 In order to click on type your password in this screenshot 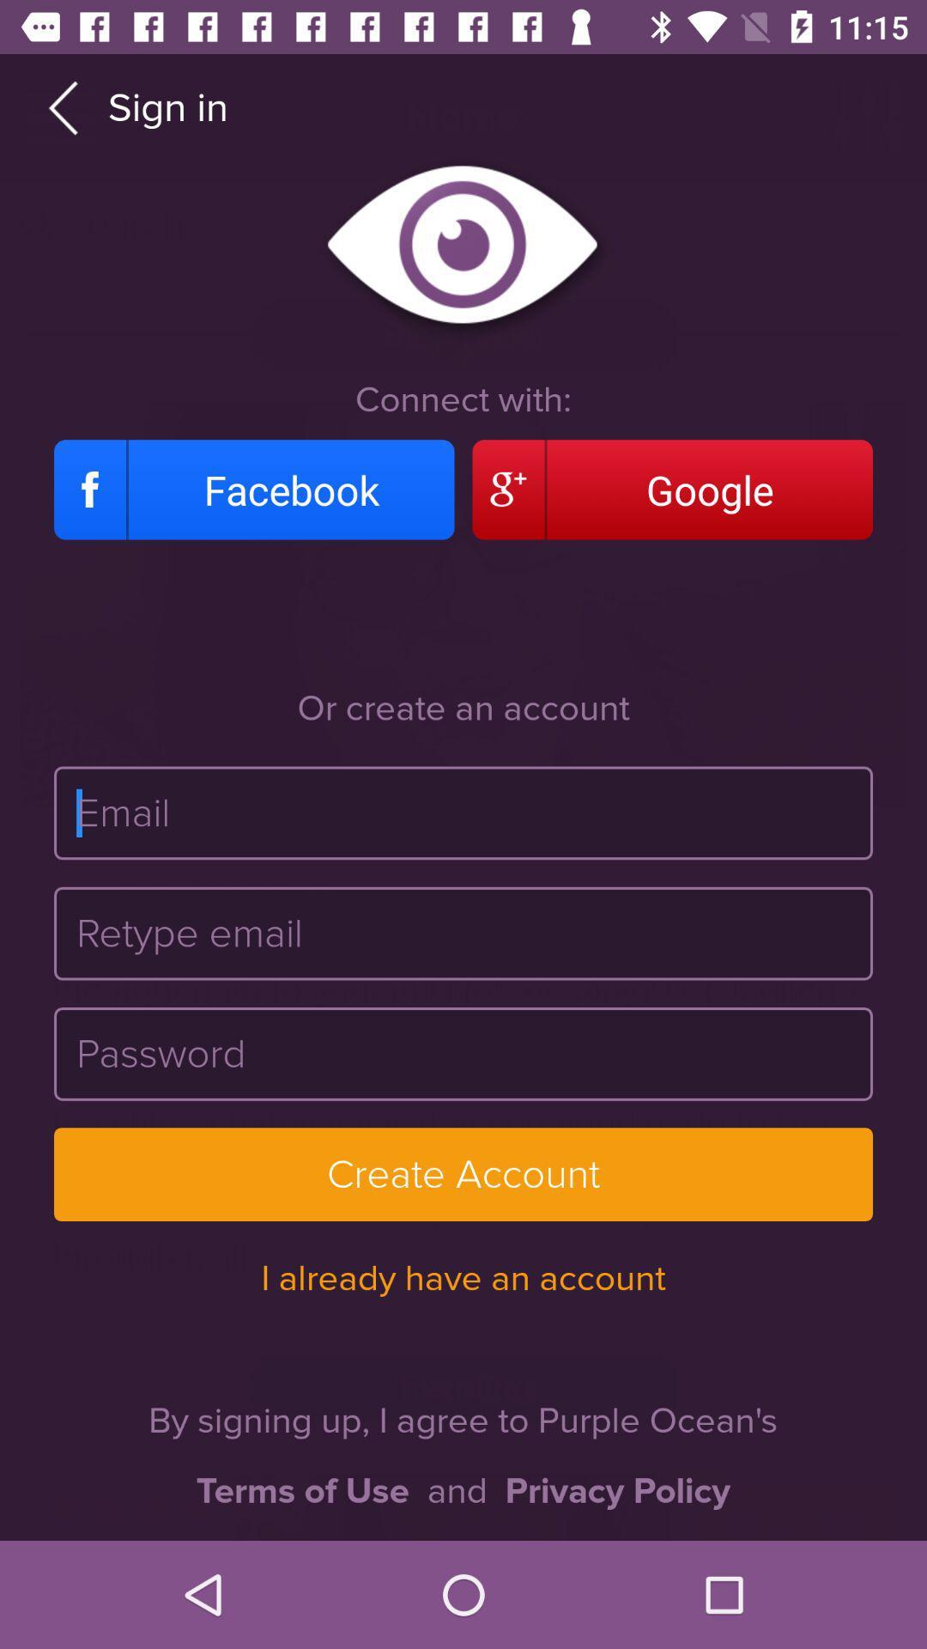, I will do `click(463, 1053)`.